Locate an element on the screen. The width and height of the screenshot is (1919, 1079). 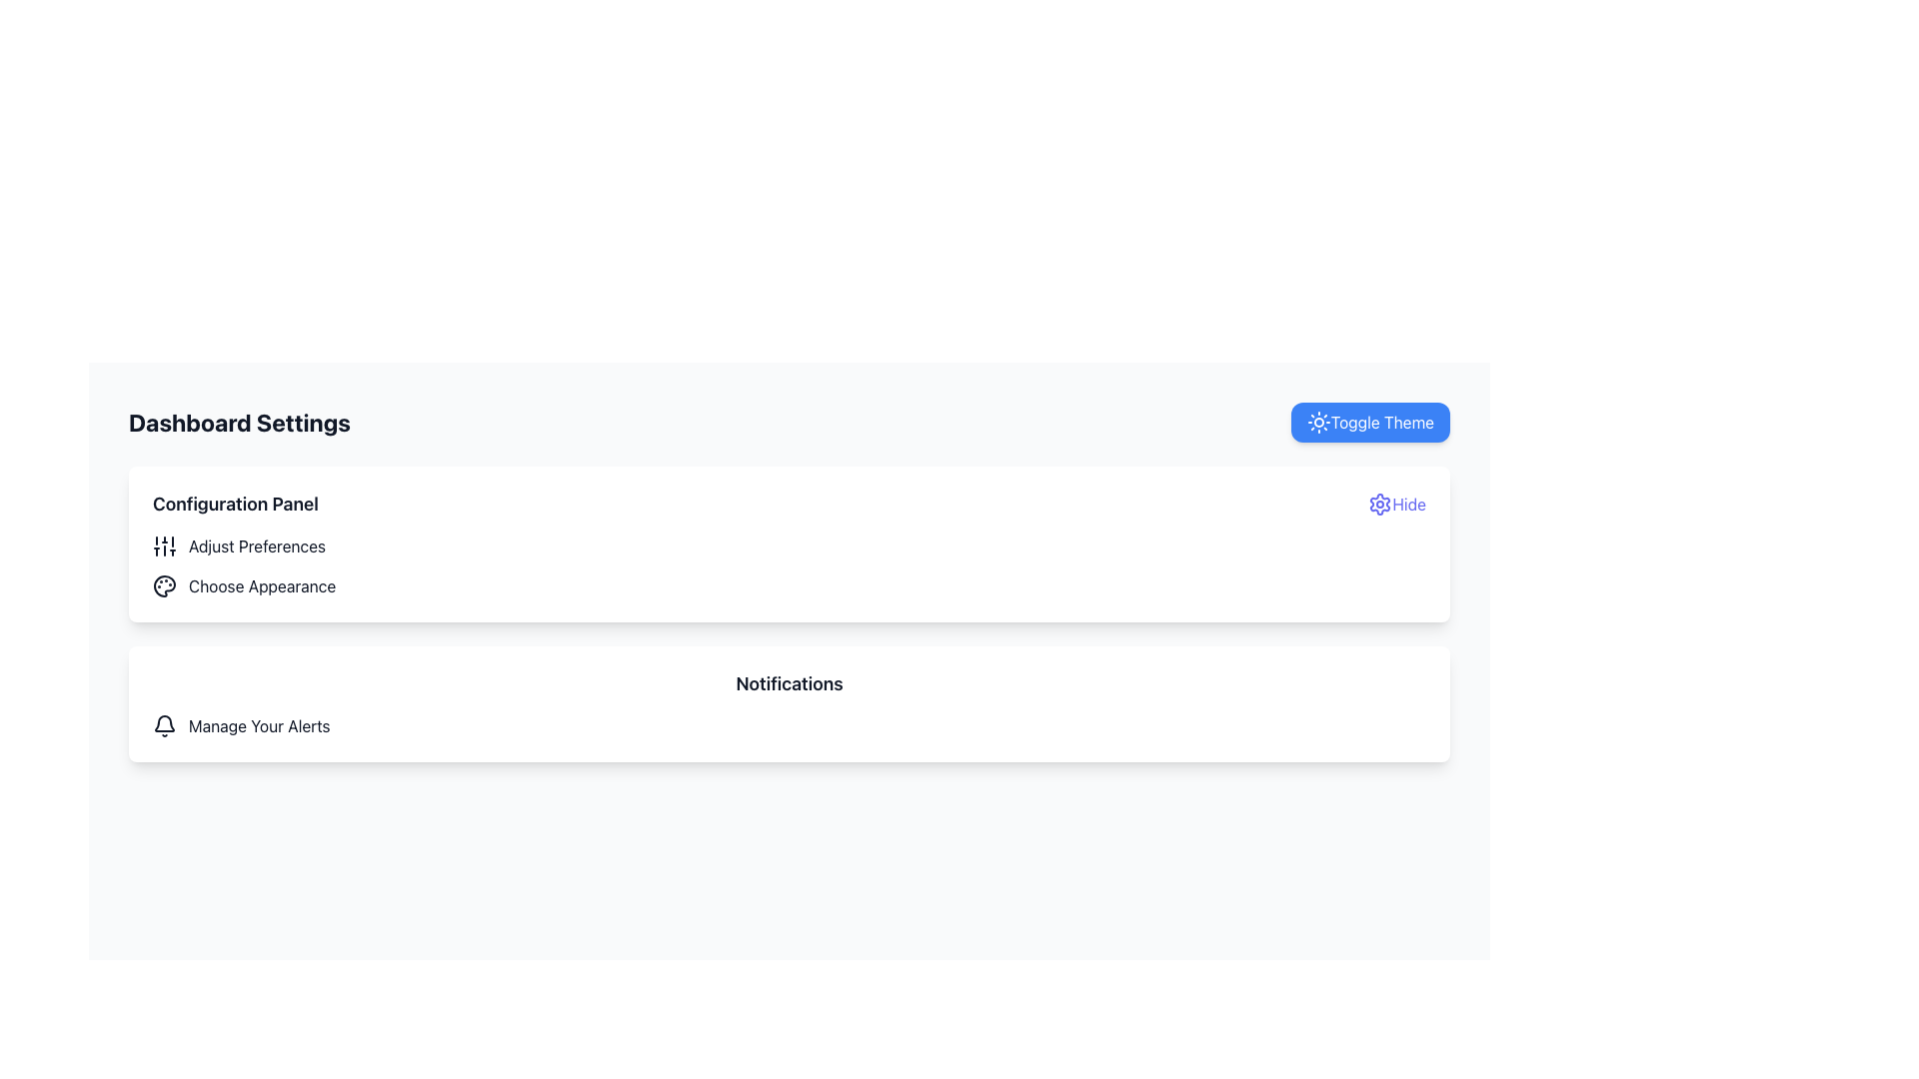
the 'Choose Appearance' text label located in the 'Configuration Panel' section, positioned below 'Adjust Preferences' and to the right of a palette icon is located at coordinates (261, 584).